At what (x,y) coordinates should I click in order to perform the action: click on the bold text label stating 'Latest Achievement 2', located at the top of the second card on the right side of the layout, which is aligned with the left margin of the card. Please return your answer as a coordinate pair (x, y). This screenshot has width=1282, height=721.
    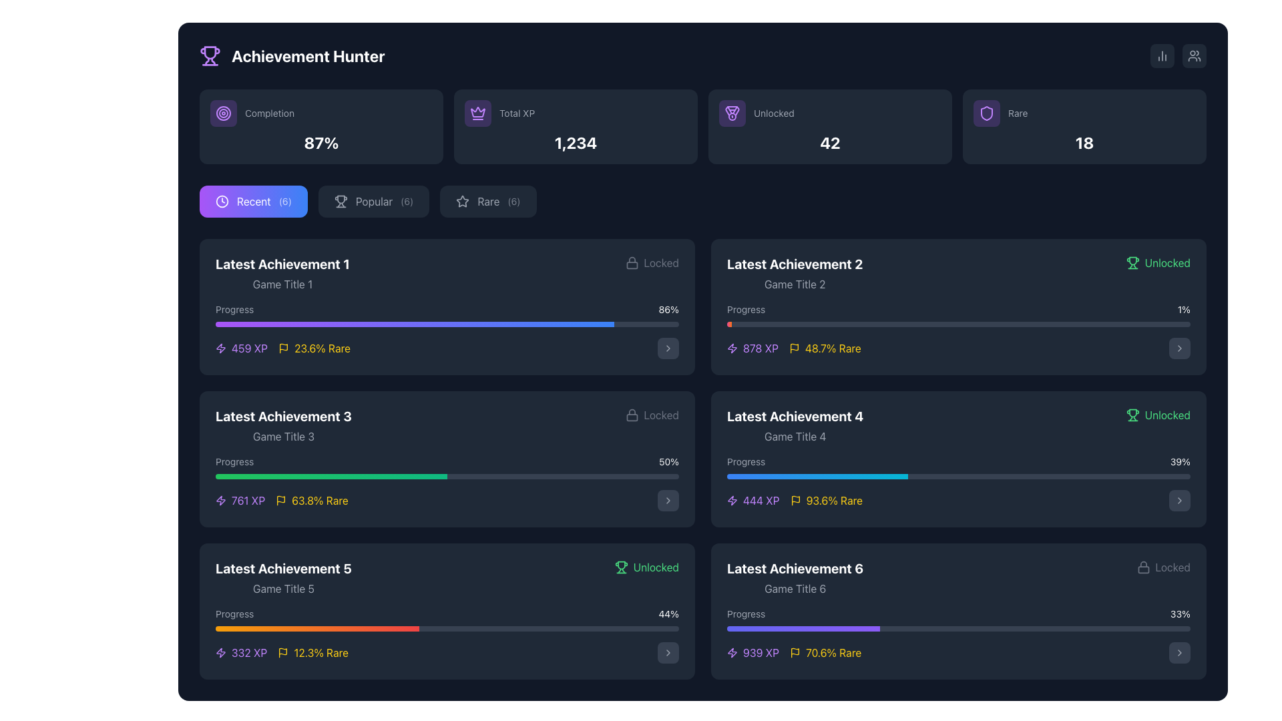
    Looking at the image, I should click on (795, 264).